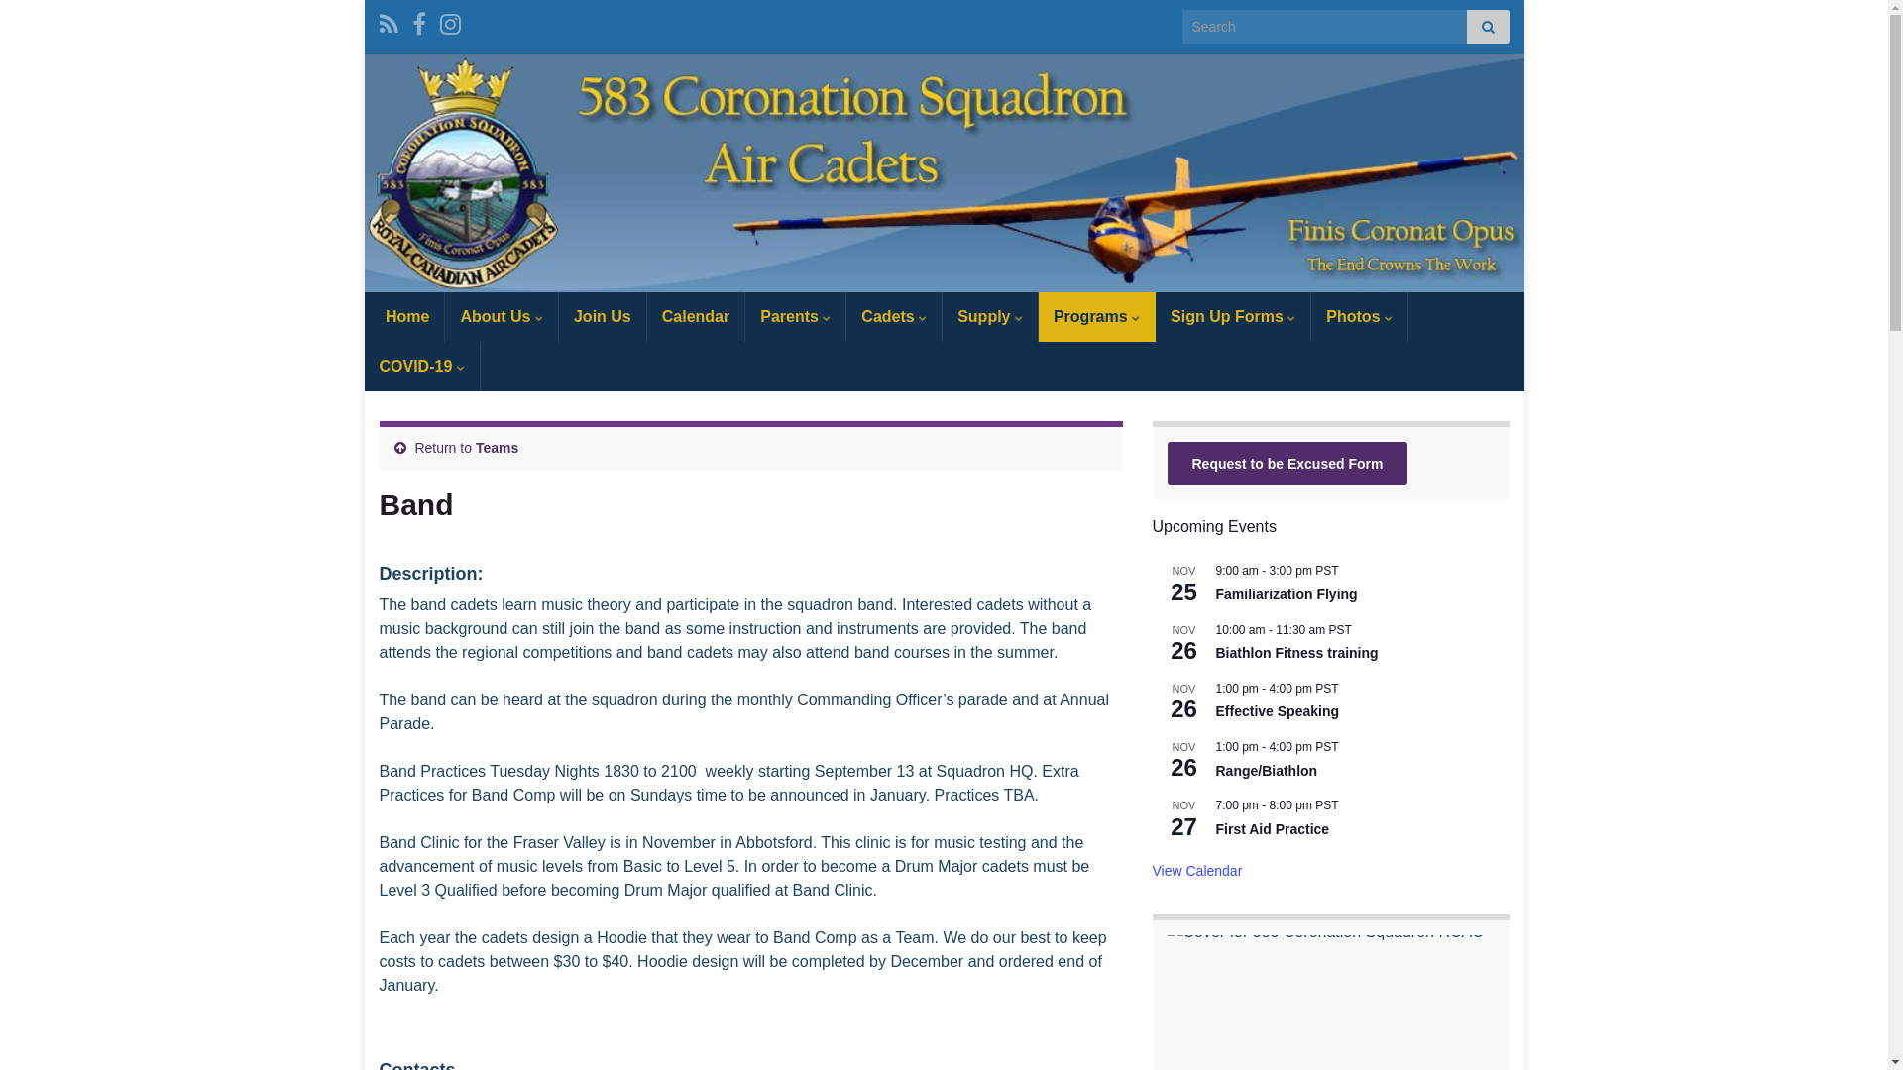 The width and height of the screenshot is (1903, 1070). What do you see at coordinates (1231, 316) in the screenshot?
I see `'Sign Up Forms'` at bounding box center [1231, 316].